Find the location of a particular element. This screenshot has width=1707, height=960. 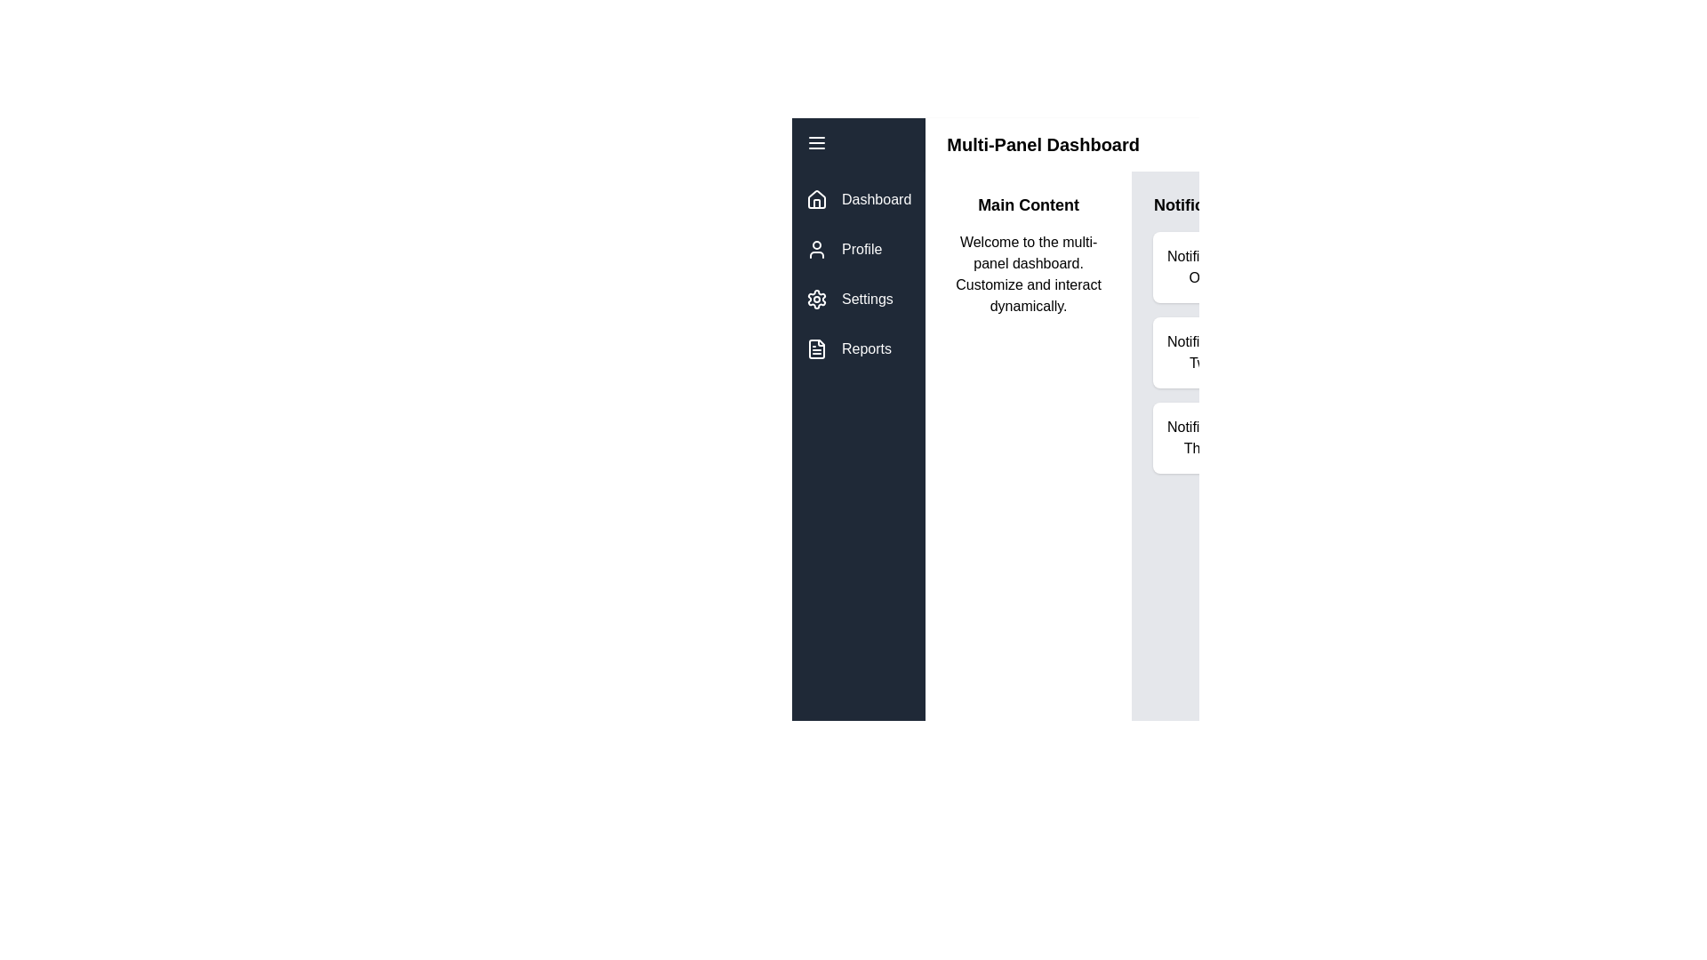

the gear-shaped icon in the vertical navigation menu, which is the third icon from the top is located at coordinates (815, 298).